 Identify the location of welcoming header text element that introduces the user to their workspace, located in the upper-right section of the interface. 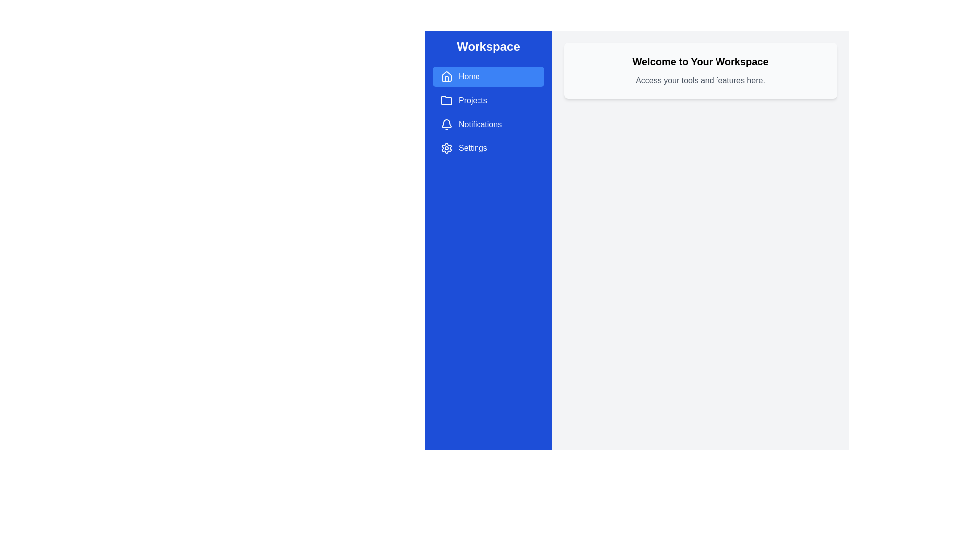
(700, 61).